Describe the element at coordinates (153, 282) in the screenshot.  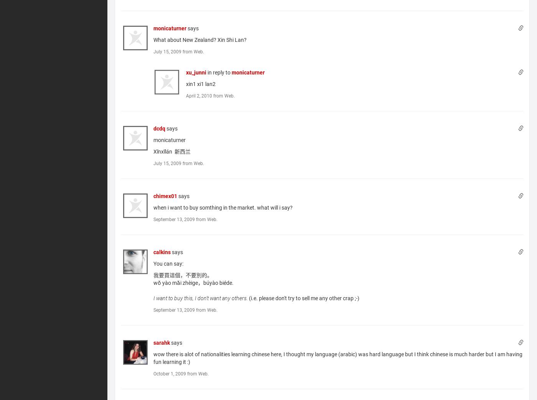
I see `'wǒ yào mǎi zhèige，búyào biéde.'` at that location.